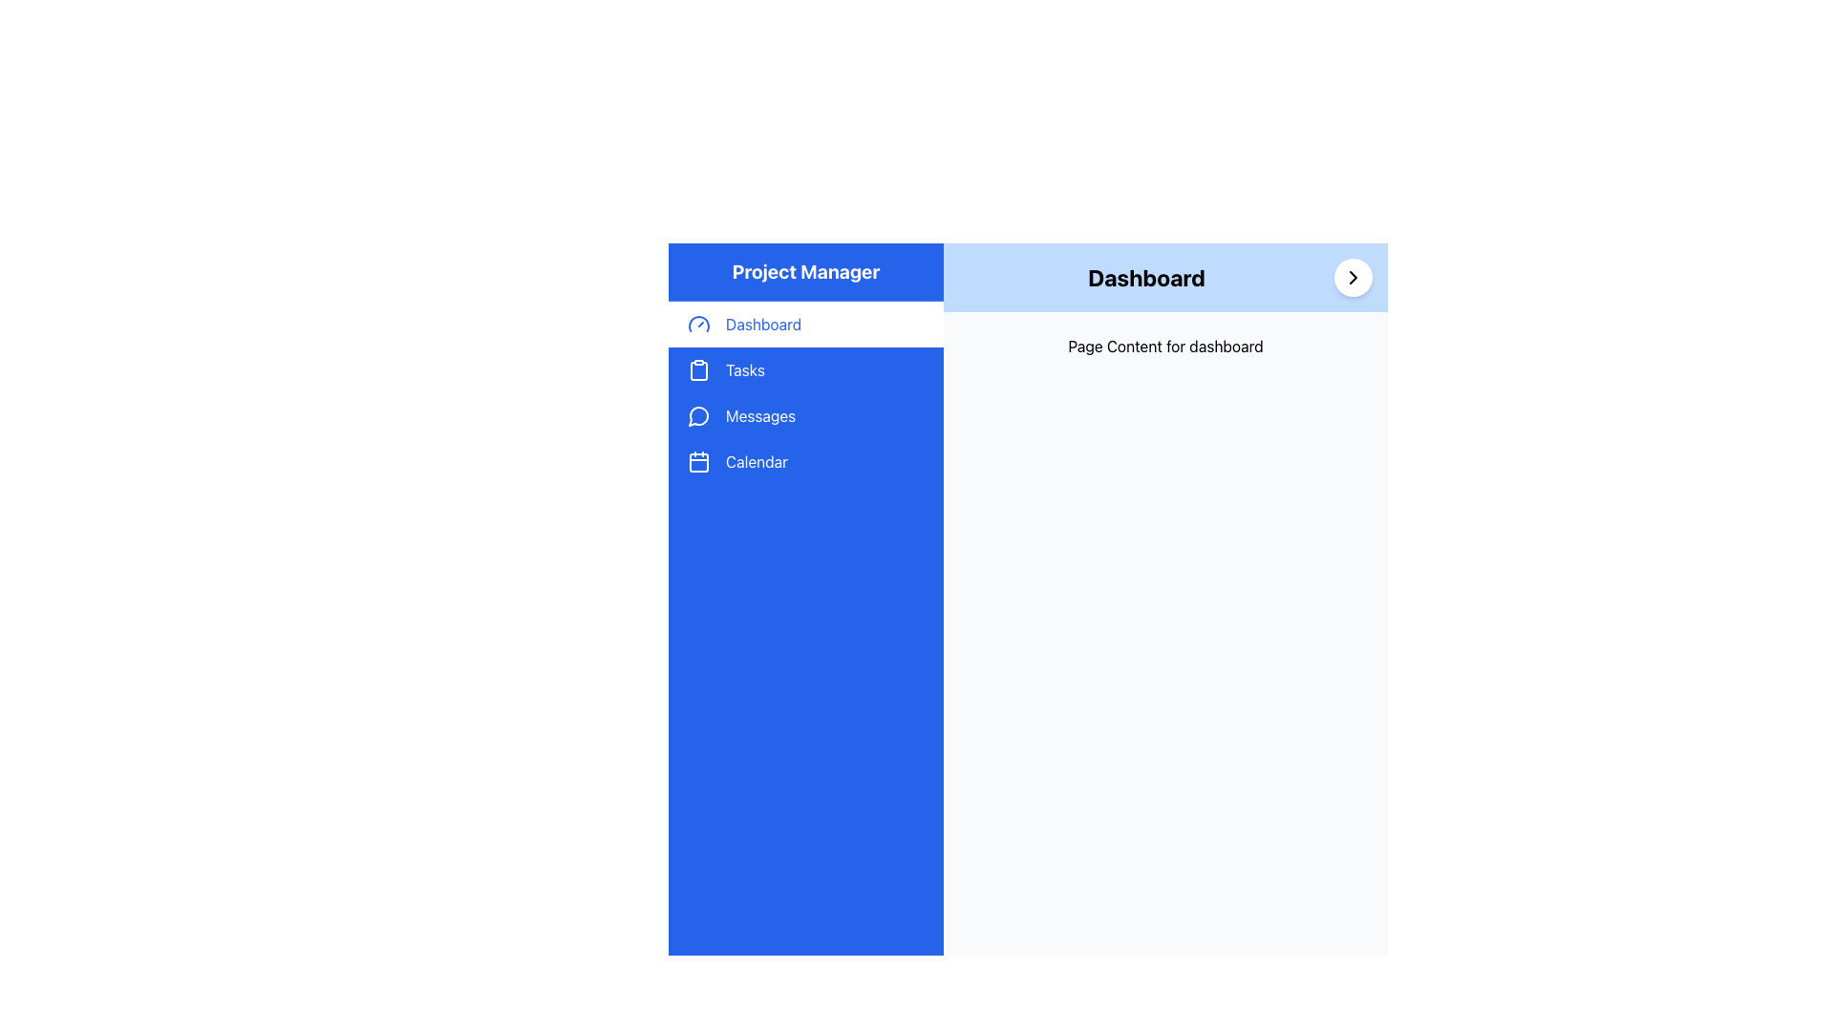 This screenshot has height=1031, width=1834. I want to click on the Text Label at the top of the vertical sidebar, which indicates the user's role or project management section, distinguished by its blue background, so click(806, 272).